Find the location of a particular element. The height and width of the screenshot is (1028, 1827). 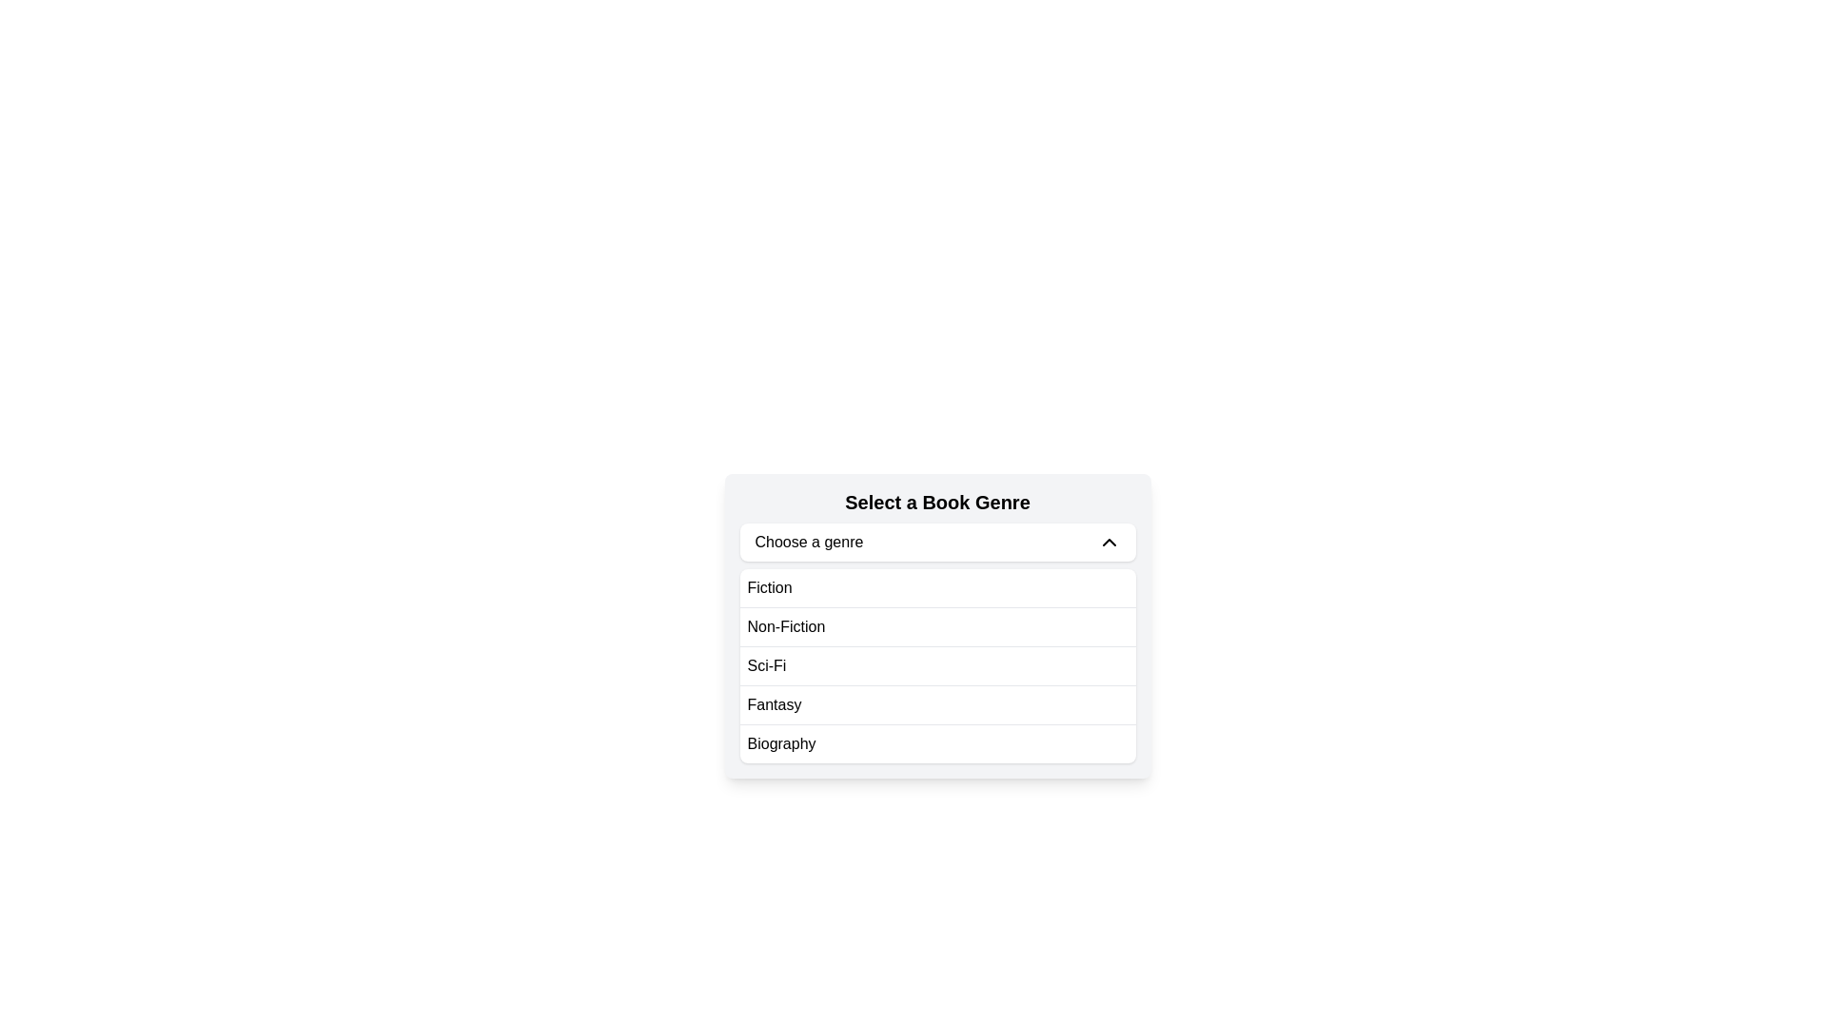

the text item labeled 'Biography' within the dropdown list is located at coordinates (781, 743).